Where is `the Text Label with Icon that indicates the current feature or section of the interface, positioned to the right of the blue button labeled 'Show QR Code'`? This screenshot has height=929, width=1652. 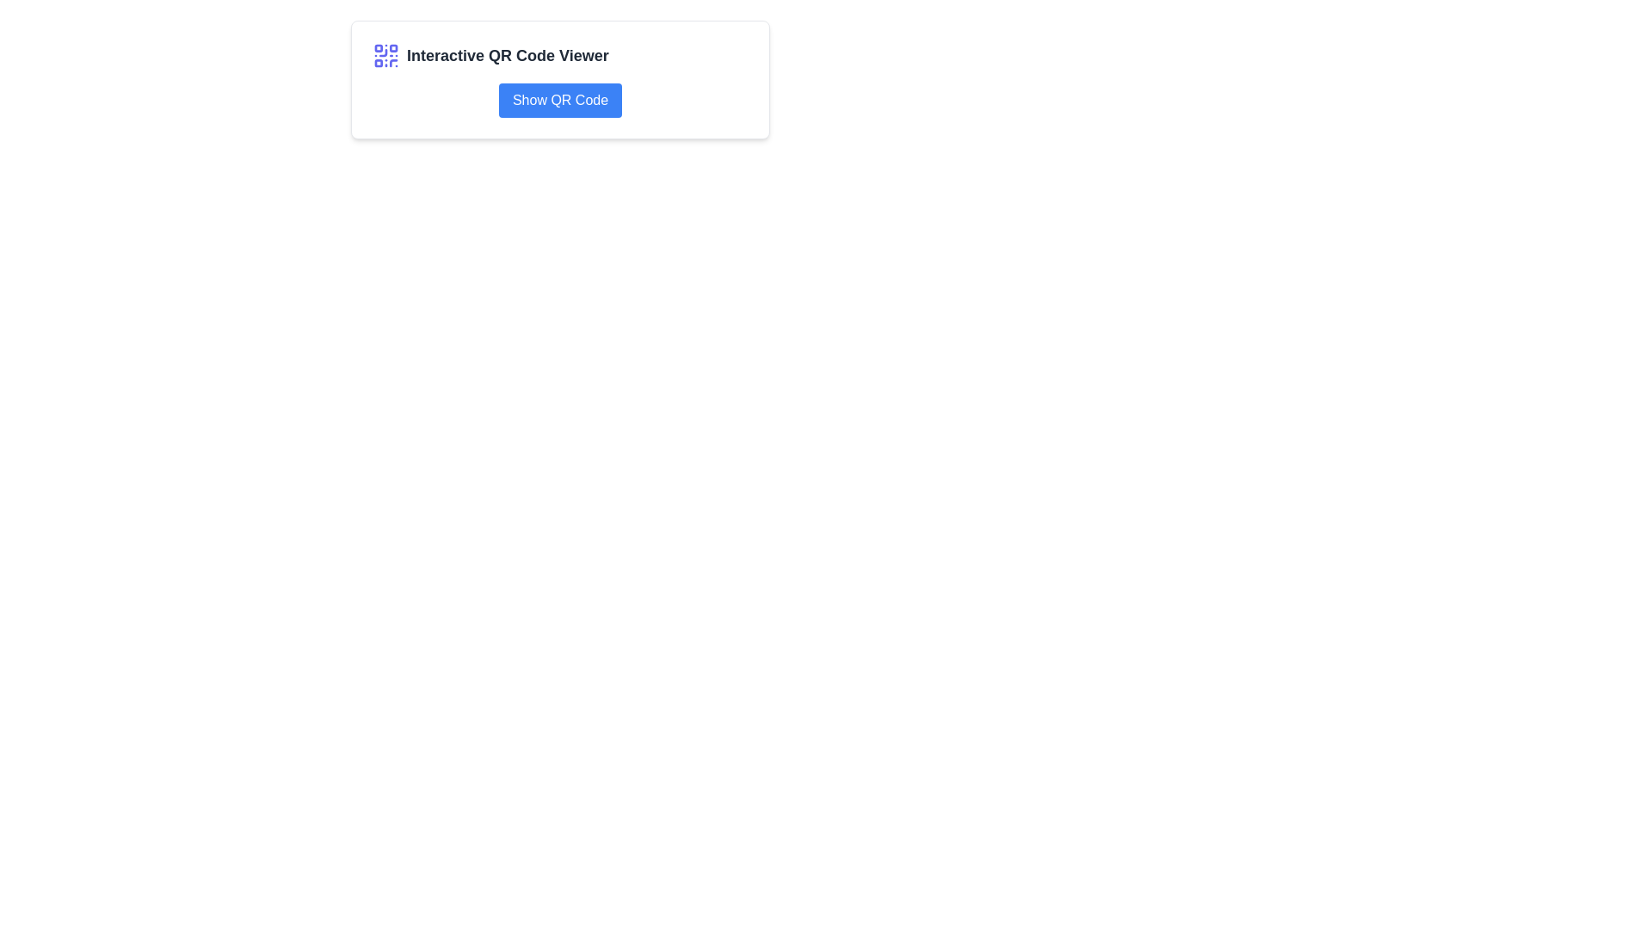
the Text Label with Icon that indicates the current feature or section of the interface, positioned to the right of the blue button labeled 'Show QR Code' is located at coordinates (560, 55).